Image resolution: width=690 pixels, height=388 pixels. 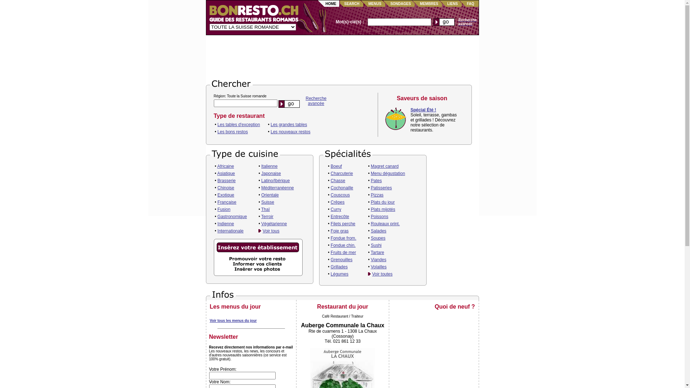 What do you see at coordinates (232, 216) in the screenshot?
I see `'Gastronomique'` at bounding box center [232, 216].